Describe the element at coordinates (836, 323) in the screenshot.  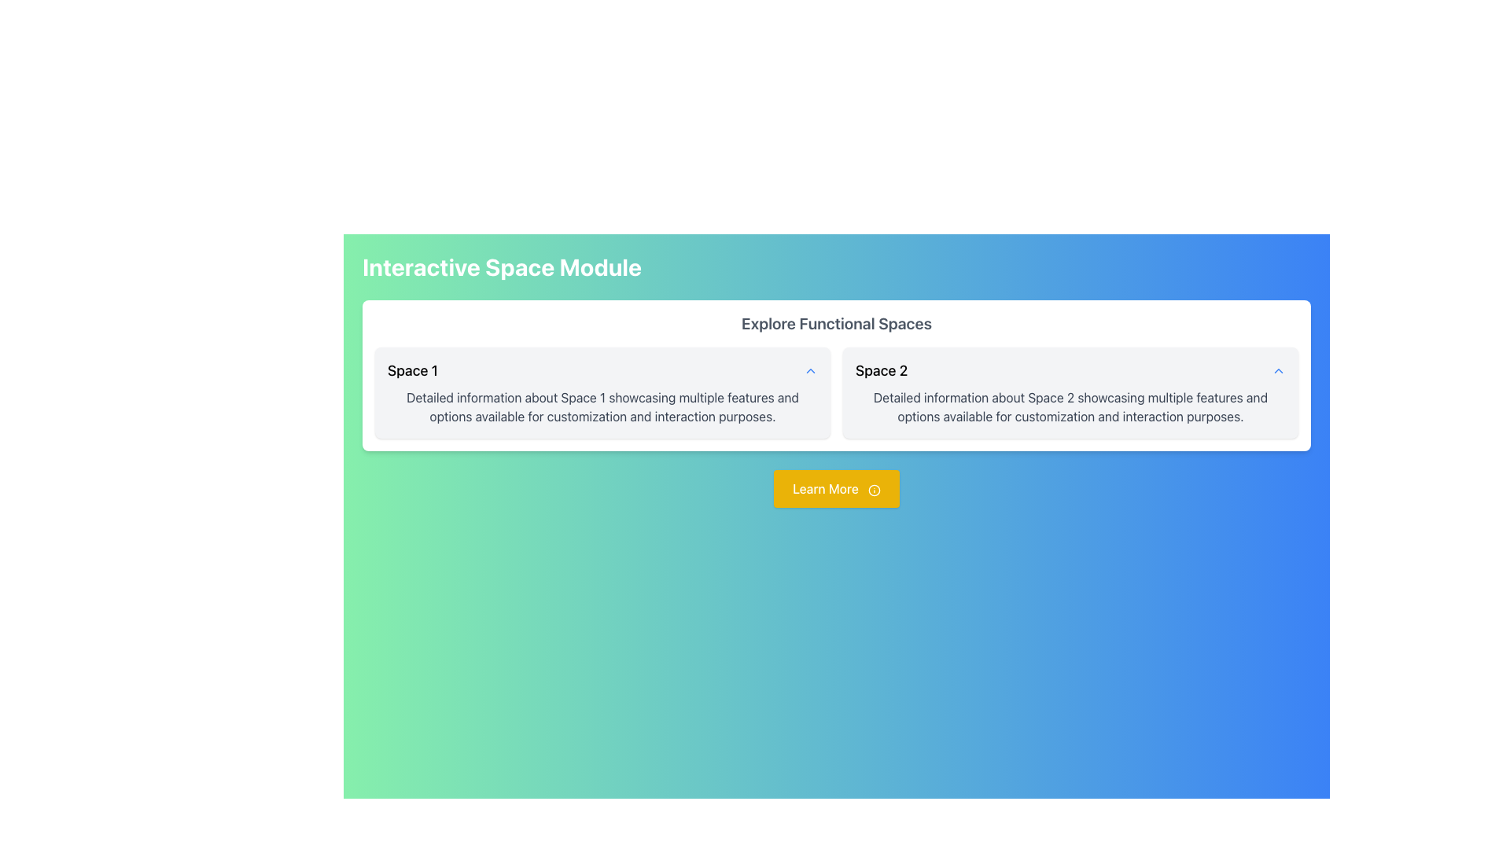
I see `the Text Label that serves as a non-interactive heading for the 'Functional Spaces' section, located at the top center of the layout above 'Space 1' and 'Space 2'` at that location.